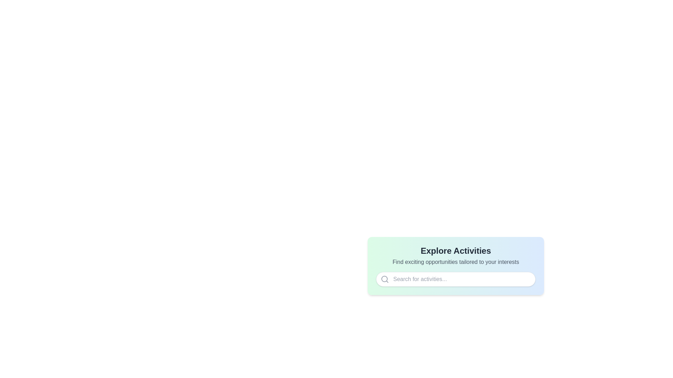 The height and width of the screenshot is (378, 673). I want to click on the magnifying glass icon, which is styled in a thin, modern design and located at the far left of the input field labeled 'Search for activities...', so click(385, 279).